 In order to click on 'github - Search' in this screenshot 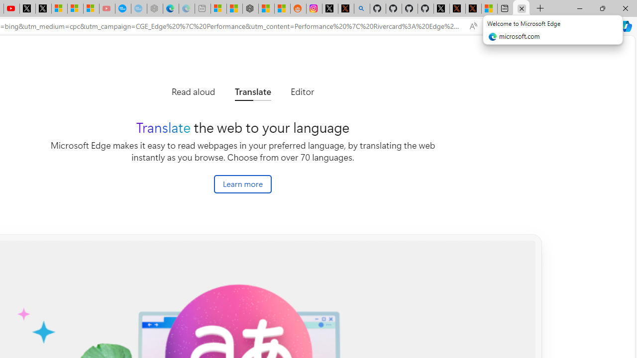, I will do `click(361, 8)`.